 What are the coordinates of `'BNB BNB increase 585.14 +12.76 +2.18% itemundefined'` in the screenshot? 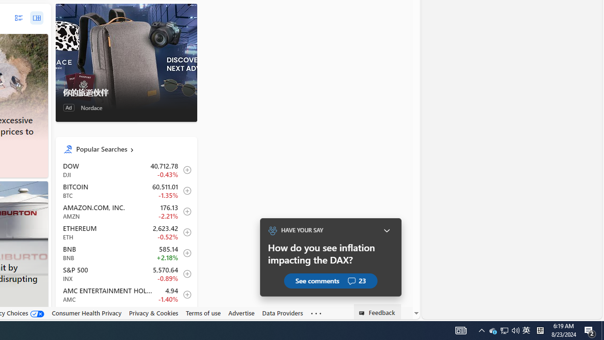 It's located at (126, 253).